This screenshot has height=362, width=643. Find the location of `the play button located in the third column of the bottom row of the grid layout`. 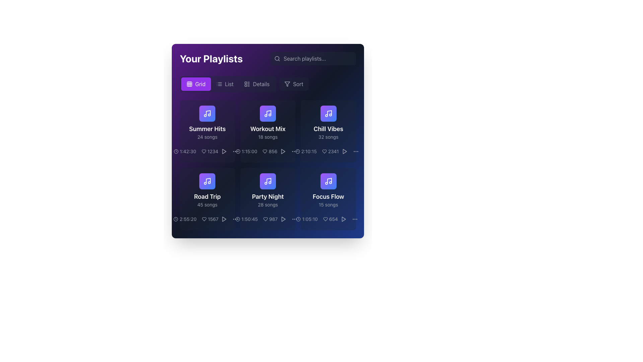

the play button located in the third column of the bottom row of the grid layout is located at coordinates (283, 219).